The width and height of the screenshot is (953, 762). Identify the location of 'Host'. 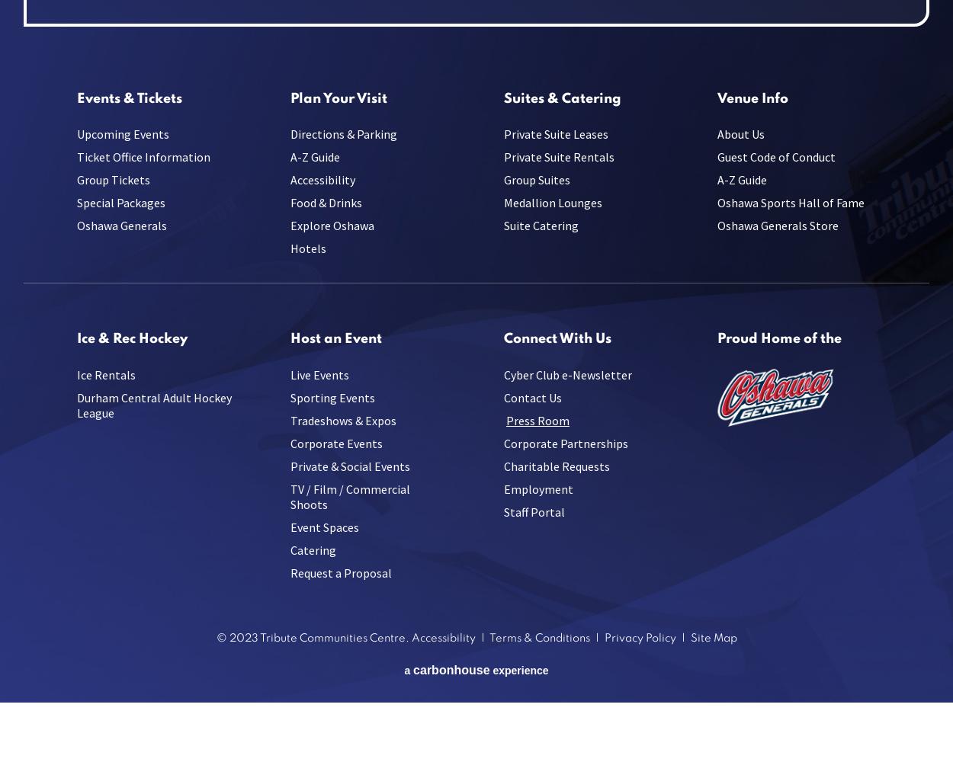
(305, 338).